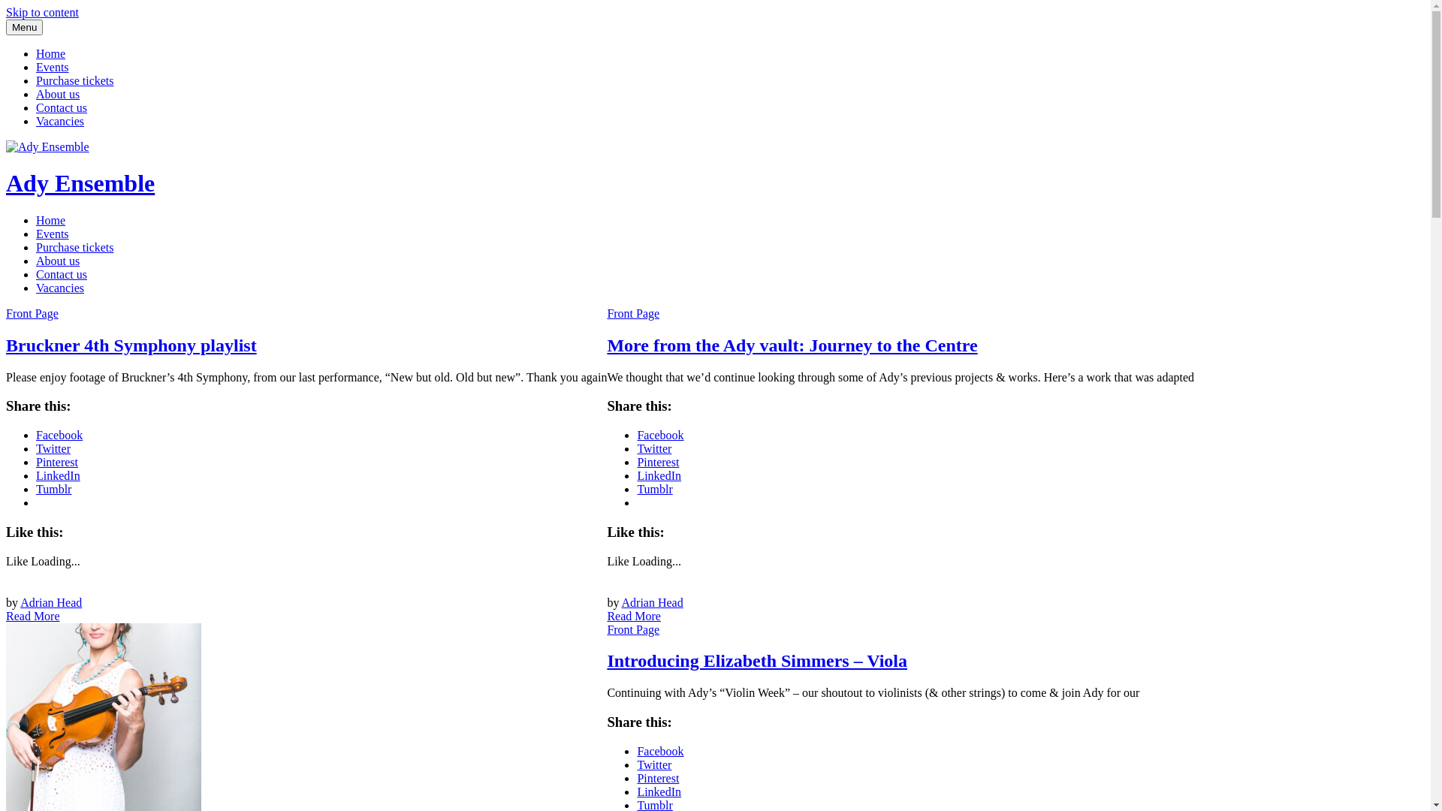 This screenshot has width=1442, height=811. I want to click on 'Purchase tickets', so click(74, 80).